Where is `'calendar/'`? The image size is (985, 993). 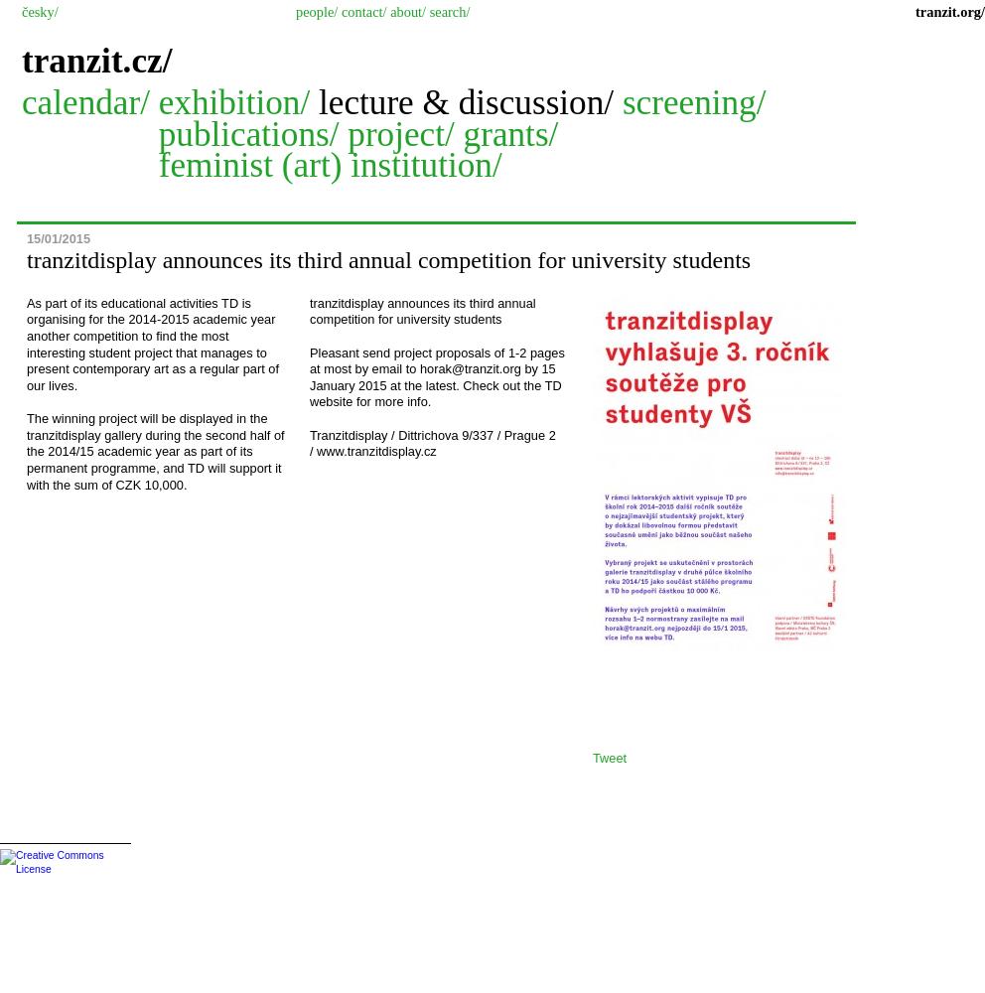 'calendar/' is located at coordinates (88, 101).